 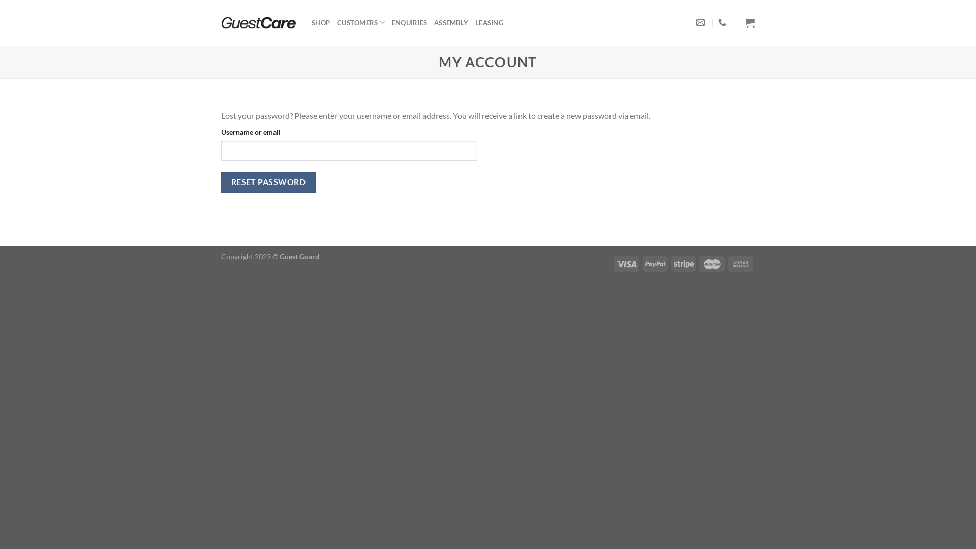 I want to click on 'RESET PASSWORD', so click(x=268, y=181).